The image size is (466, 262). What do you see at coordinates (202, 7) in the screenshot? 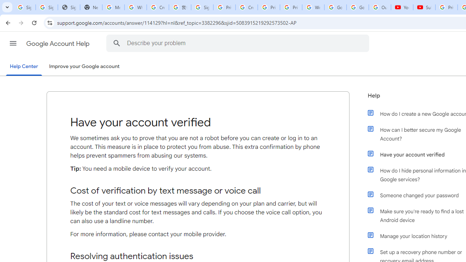
I see `'Sign in - Google Accounts'` at bounding box center [202, 7].